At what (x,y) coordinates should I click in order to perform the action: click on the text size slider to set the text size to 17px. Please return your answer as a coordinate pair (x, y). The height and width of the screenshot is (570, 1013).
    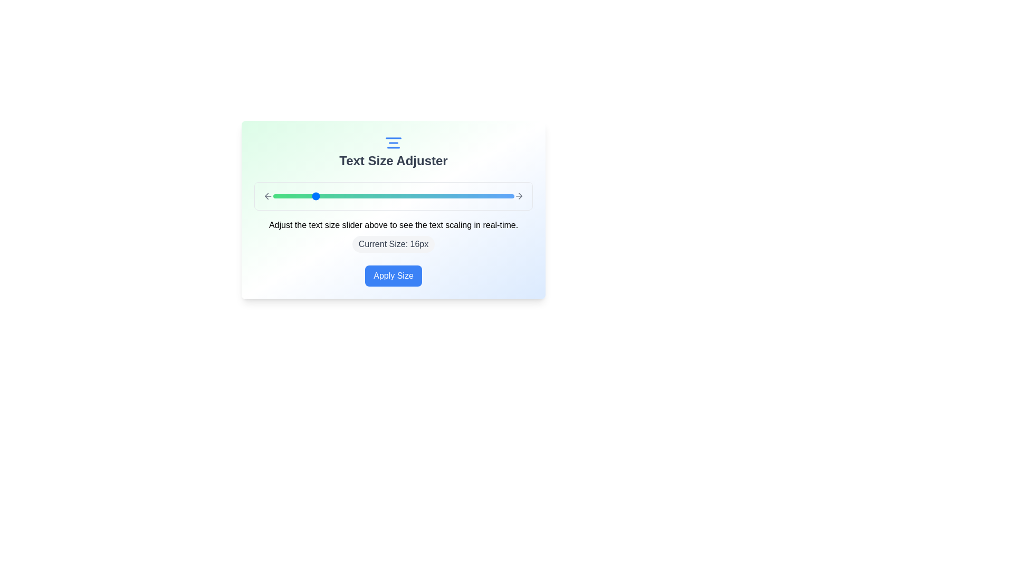
    Looking at the image, I should click on (322, 196).